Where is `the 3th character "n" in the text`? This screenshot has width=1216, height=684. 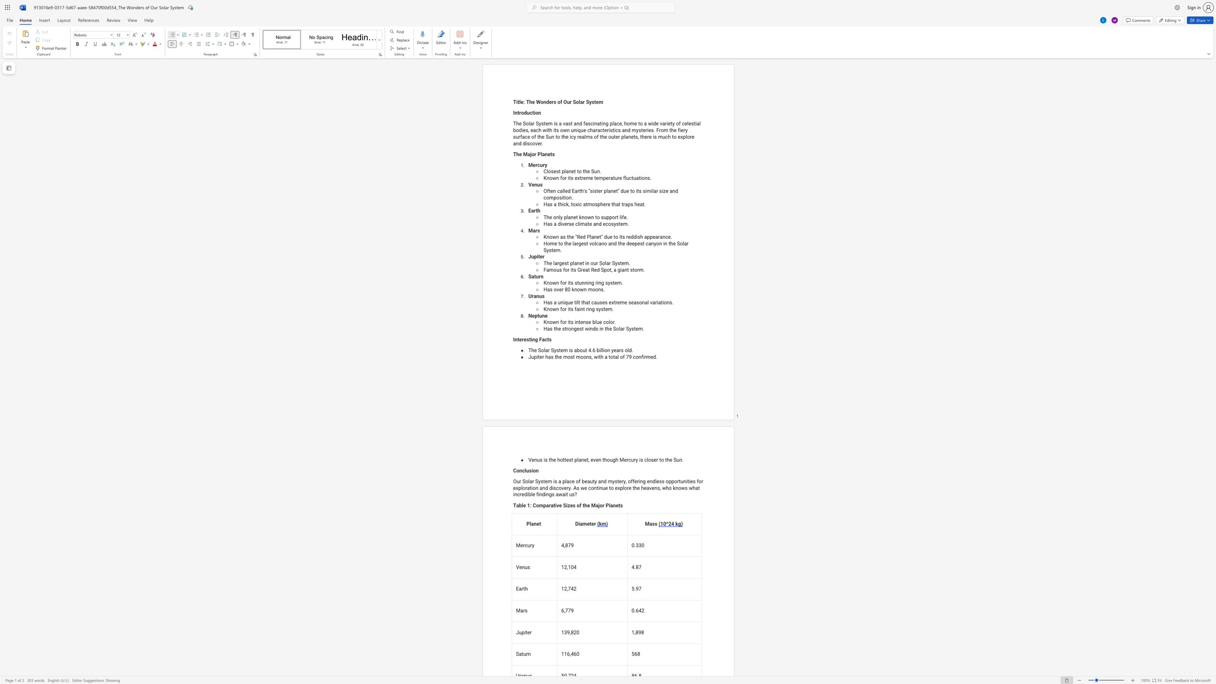
the 3th character "n" in the text is located at coordinates (582, 308).